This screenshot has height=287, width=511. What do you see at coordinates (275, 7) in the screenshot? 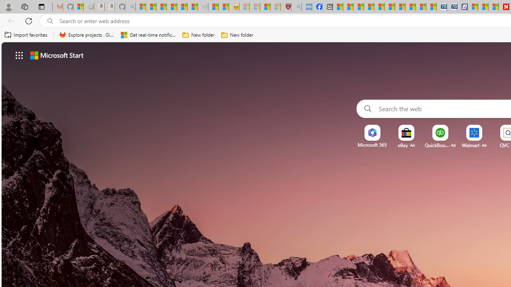
I see `'12 Popular Science Lies that Must be Corrected - Sleeping'` at bounding box center [275, 7].